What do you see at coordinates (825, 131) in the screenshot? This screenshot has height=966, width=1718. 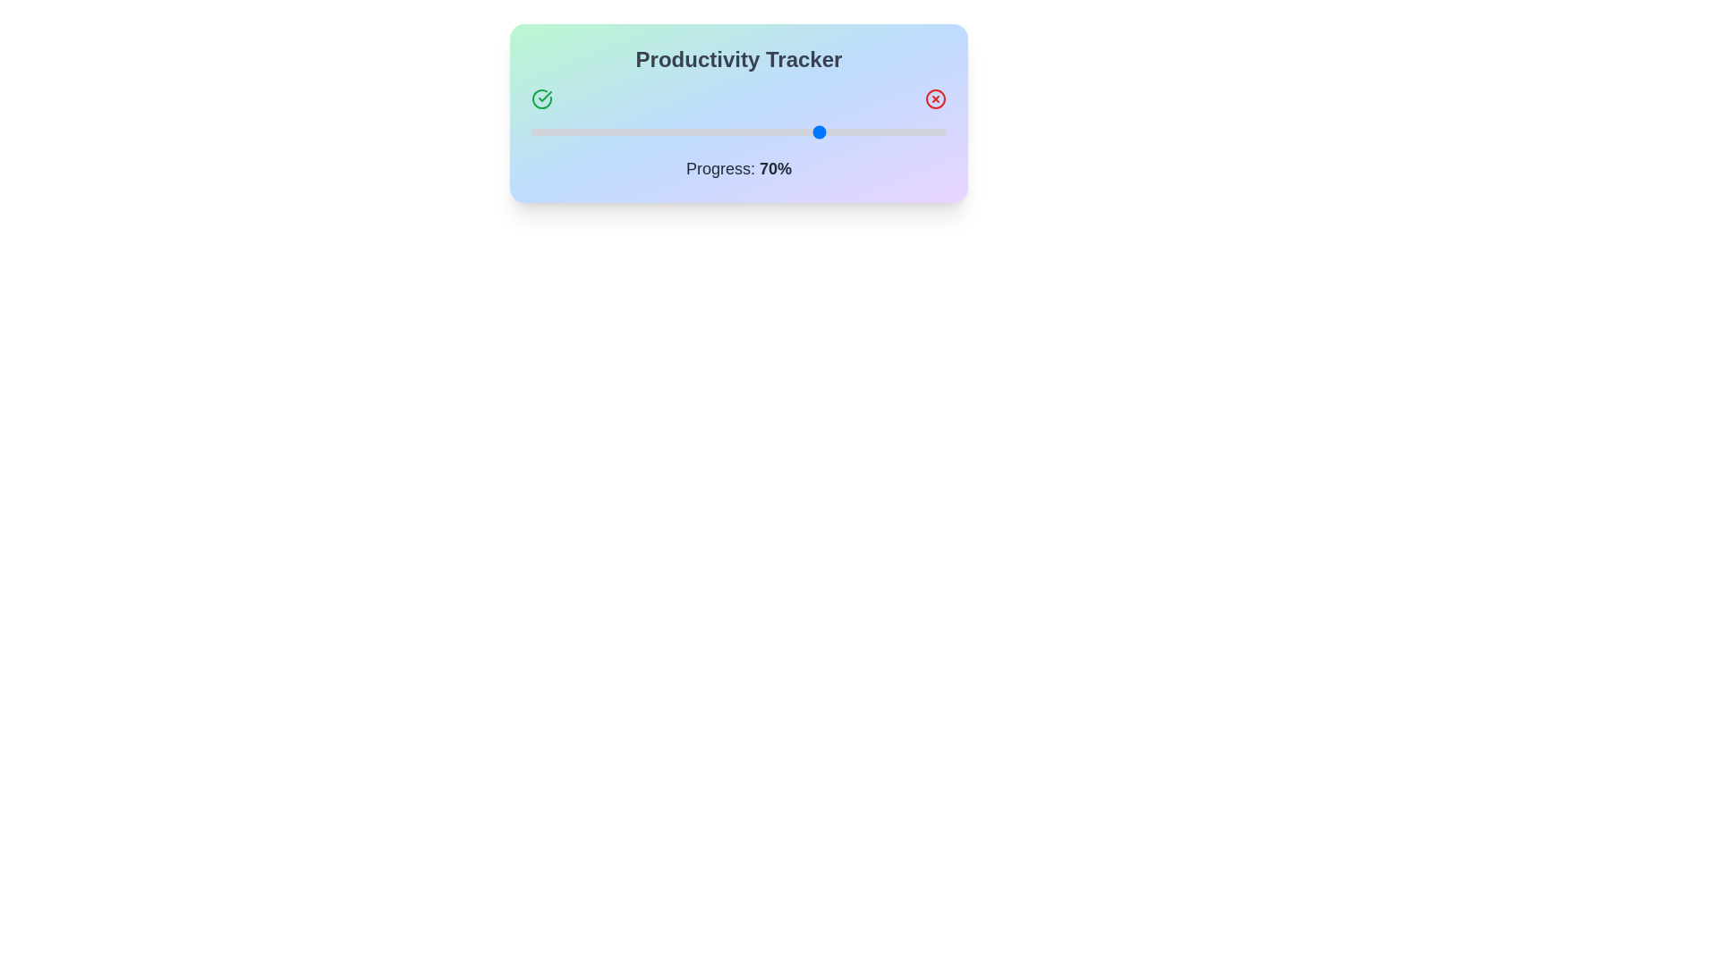 I see `the progress value` at bounding box center [825, 131].